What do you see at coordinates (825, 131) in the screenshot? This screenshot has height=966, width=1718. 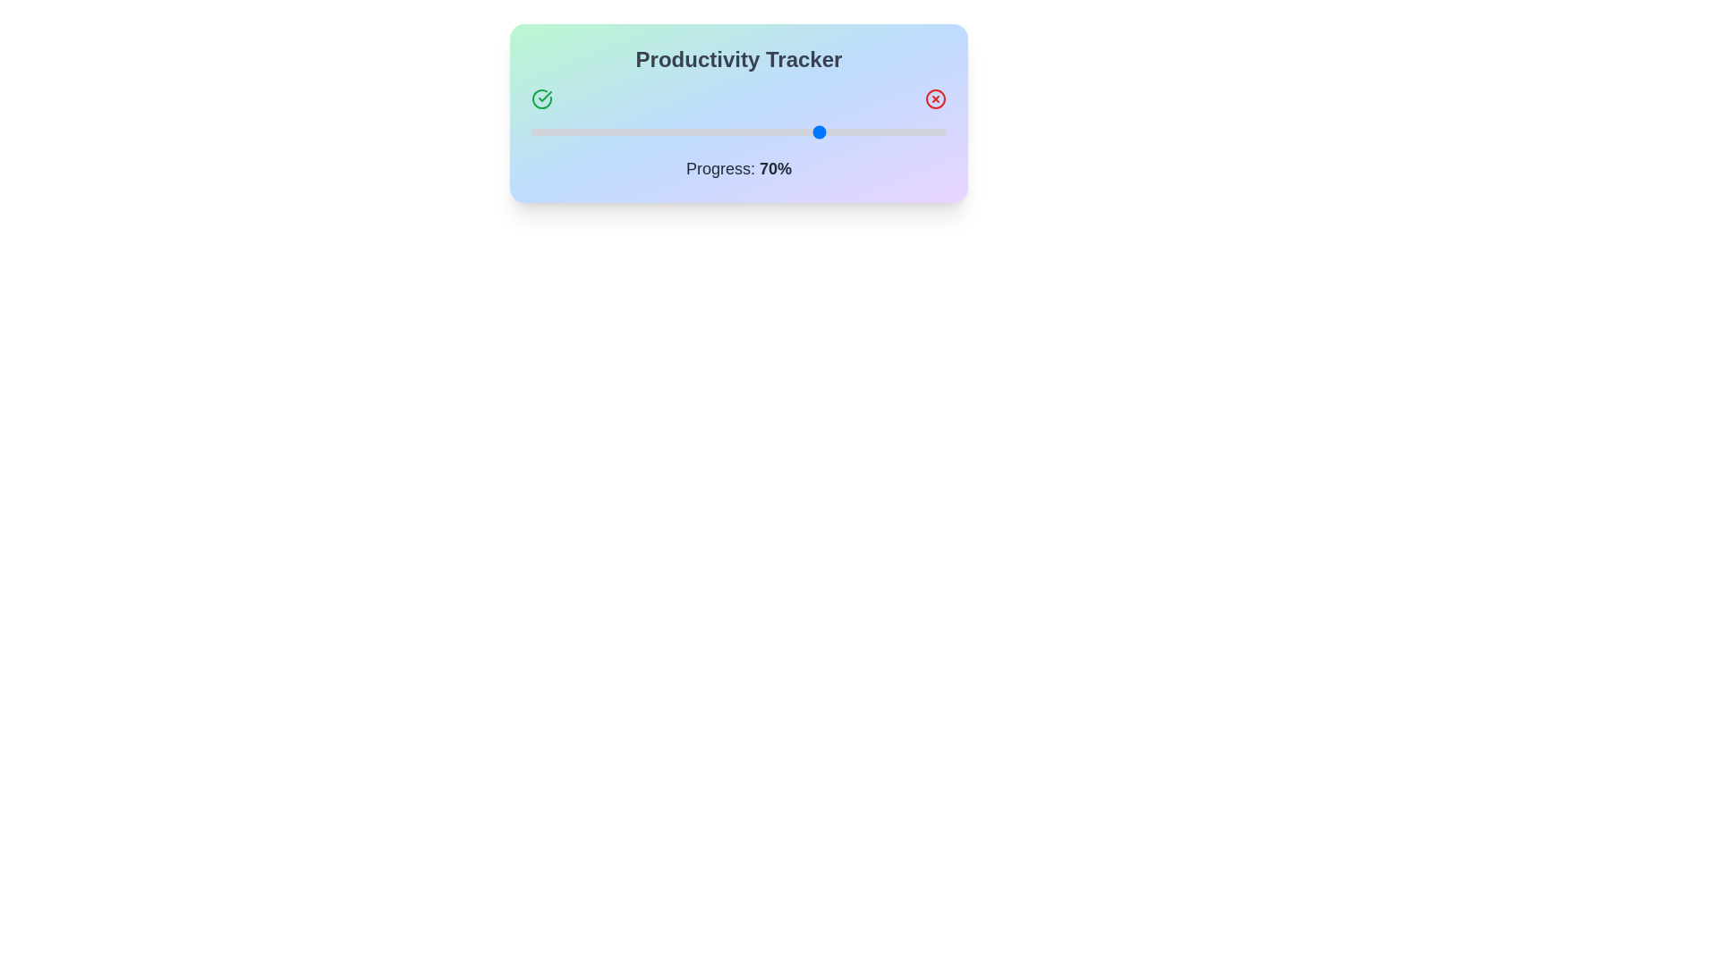 I see `the progress value` at bounding box center [825, 131].